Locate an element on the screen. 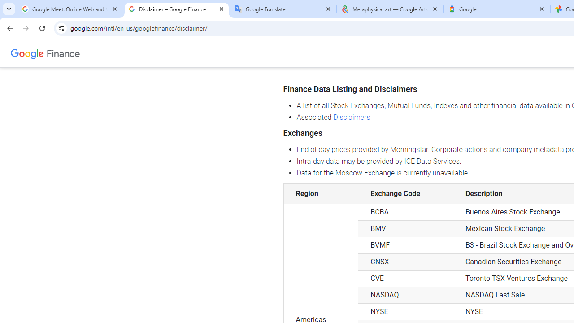 The image size is (574, 323). 'CNSX' is located at coordinates (405, 262).